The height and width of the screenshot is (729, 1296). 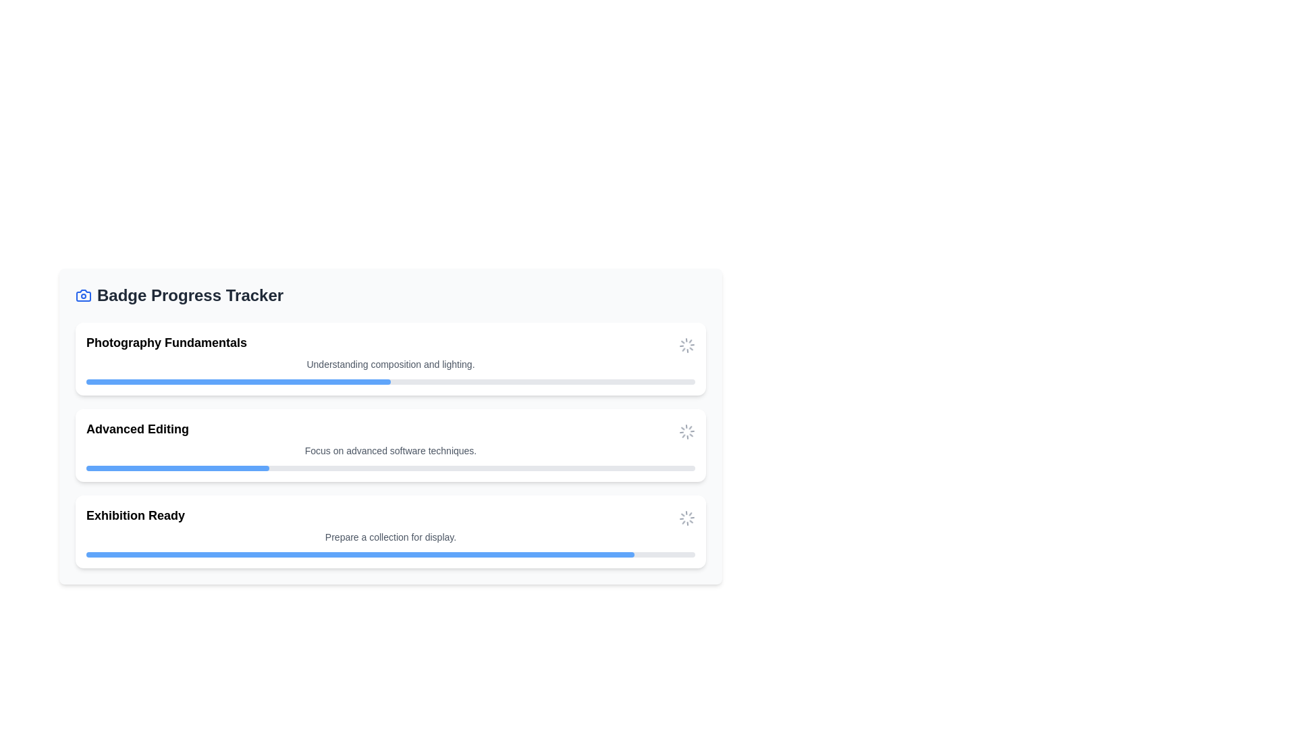 I want to click on the progress bar that visually represents the 30% completion for the 'Advanced Editing' task, located centrally within the gray bar underneath 'Advanced Editing' in the 'Badge Progress Tracker', so click(x=177, y=468).